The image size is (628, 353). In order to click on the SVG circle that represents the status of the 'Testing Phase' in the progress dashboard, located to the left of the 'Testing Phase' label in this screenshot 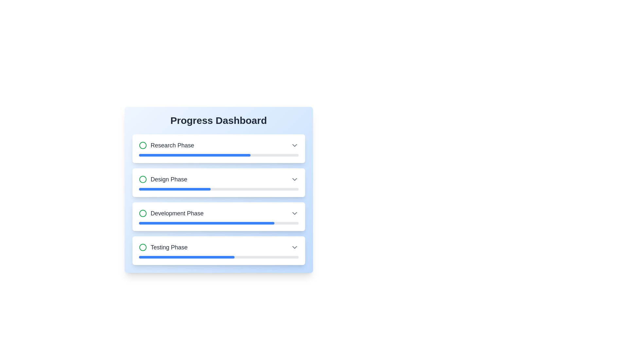, I will do `click(142, 247)`.